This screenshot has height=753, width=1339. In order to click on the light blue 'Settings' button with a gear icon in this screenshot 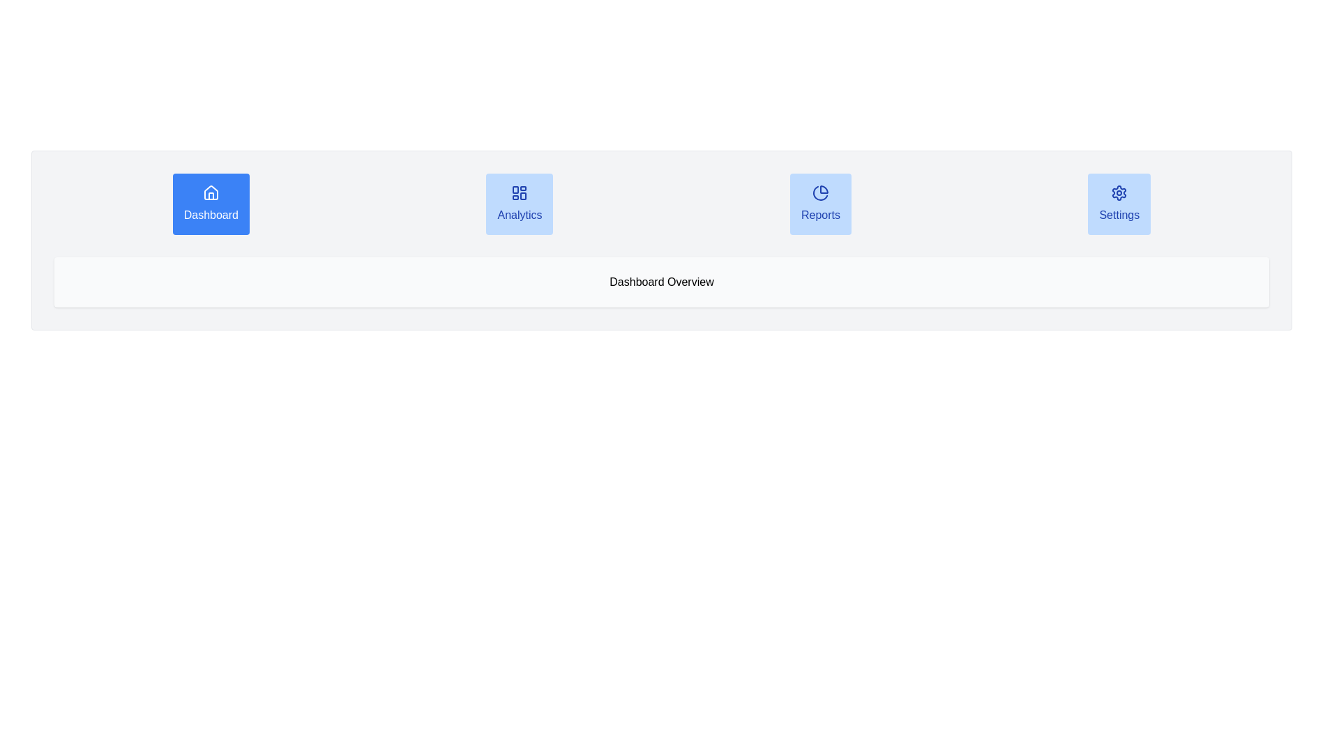, I will do `click(1119, 204)`.